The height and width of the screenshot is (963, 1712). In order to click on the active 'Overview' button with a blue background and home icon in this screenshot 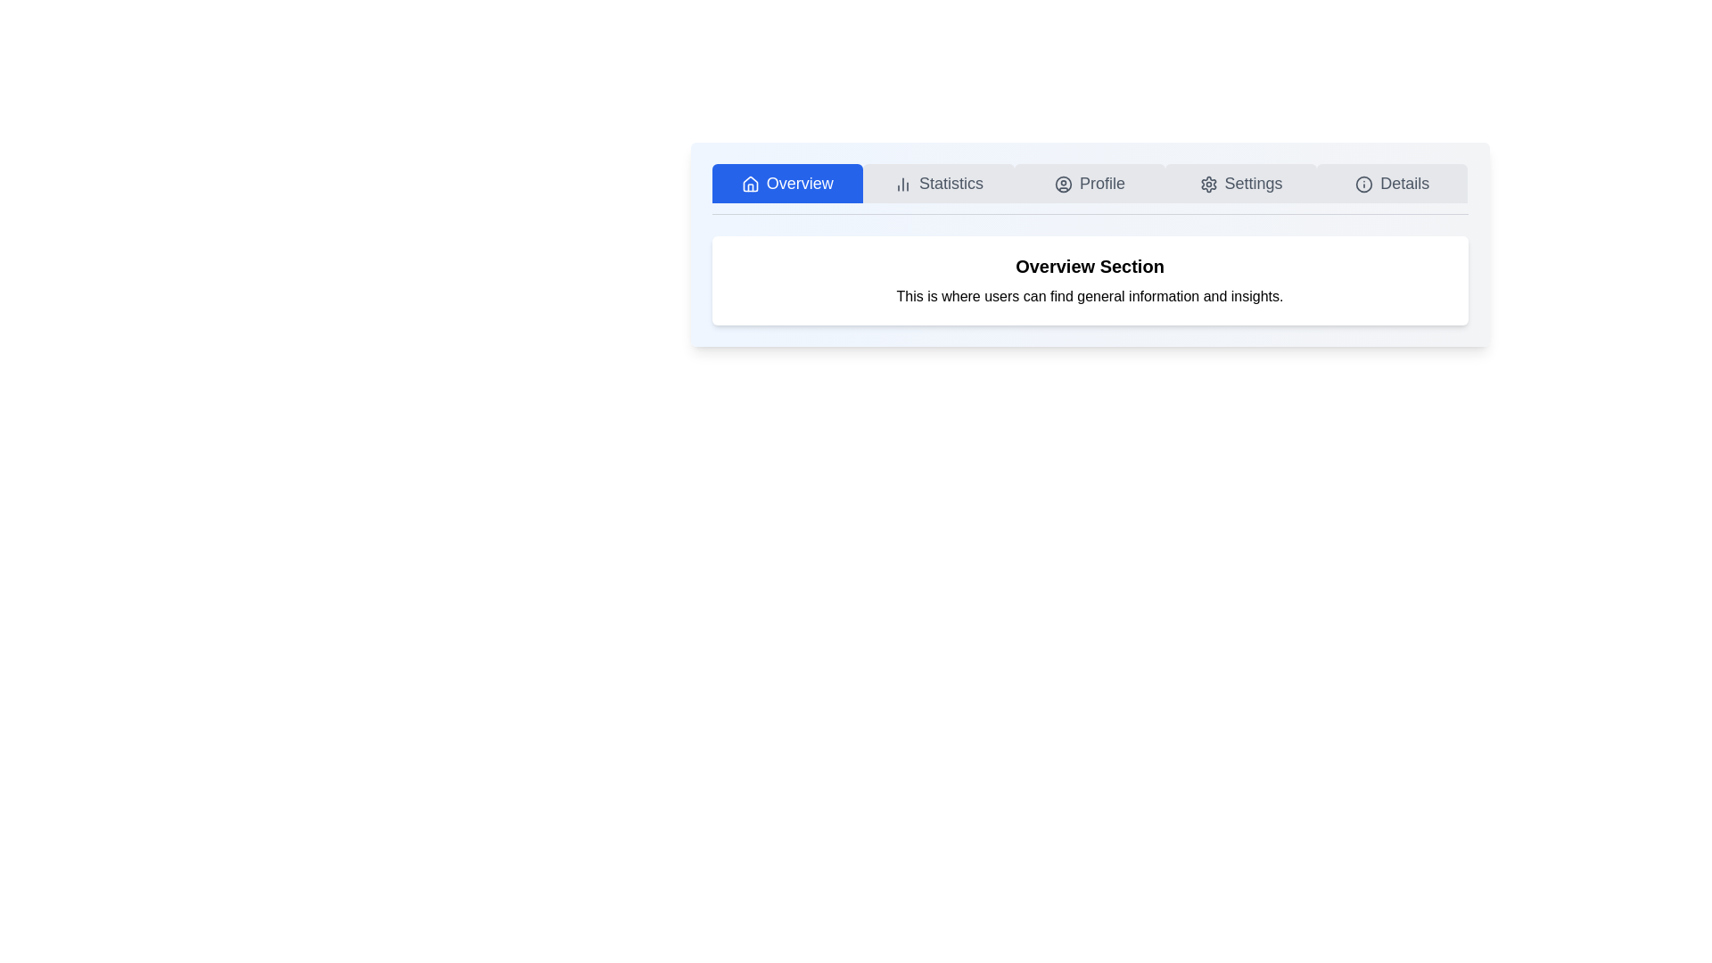, I will do `click(786, 183)`.